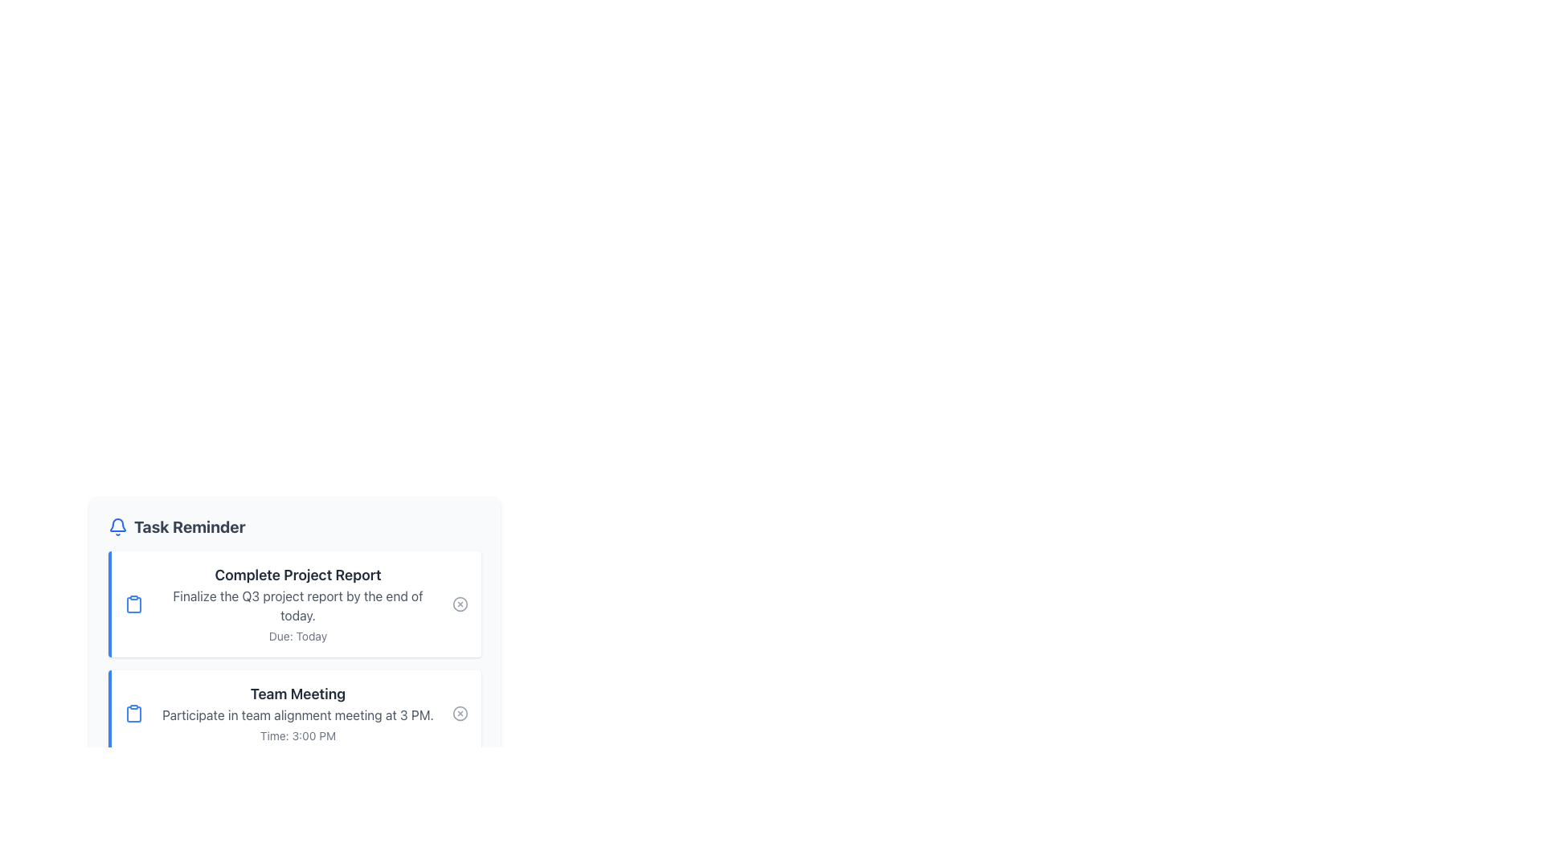 The width and height of the screenshot is (1543, 868). I want to click on the 'Team Meeting' icon located in the second card of the 'Task Reminder' section, above the due time details, so click(134, 712).